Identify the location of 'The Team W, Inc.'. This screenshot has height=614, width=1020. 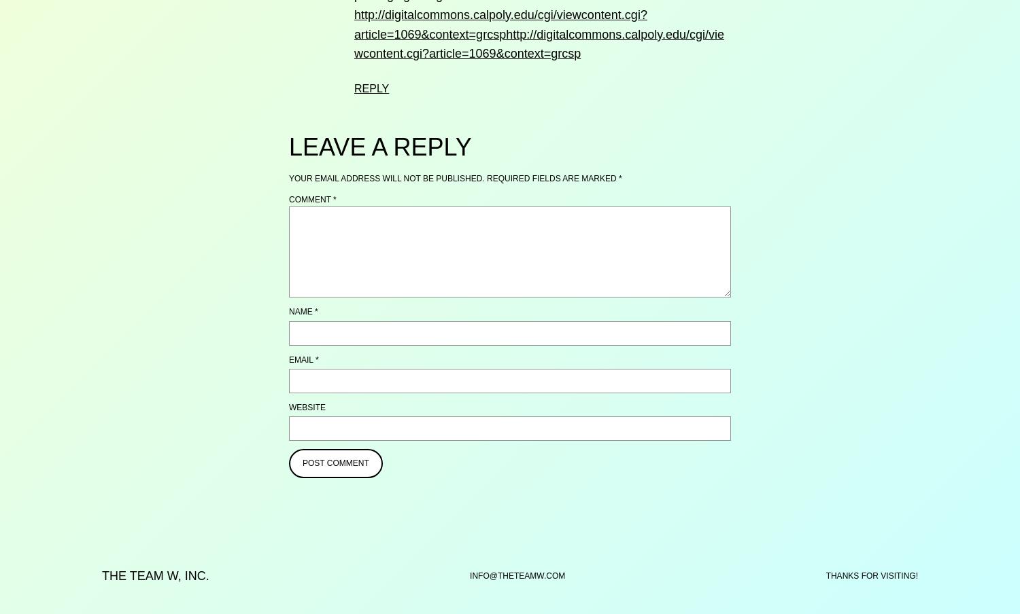
(154, 576).